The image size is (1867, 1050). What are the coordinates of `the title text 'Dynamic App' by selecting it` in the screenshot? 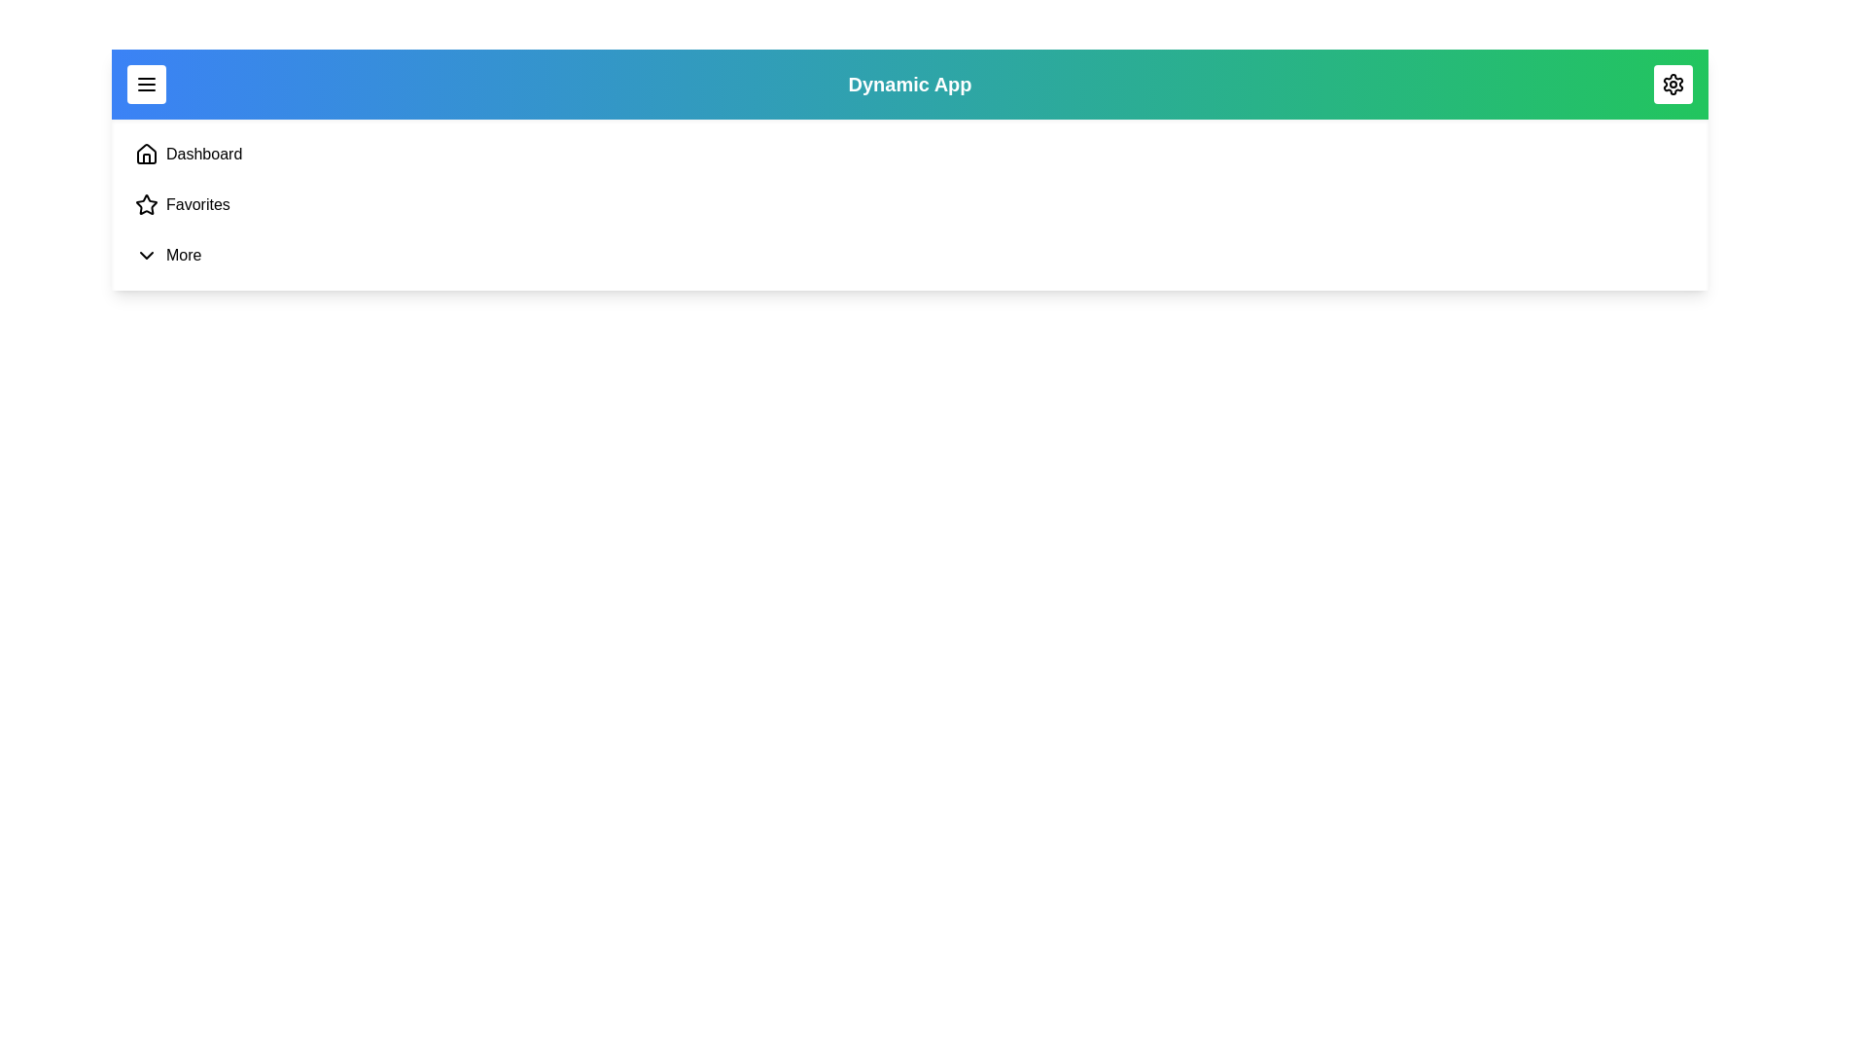 It's located at (909, 84).